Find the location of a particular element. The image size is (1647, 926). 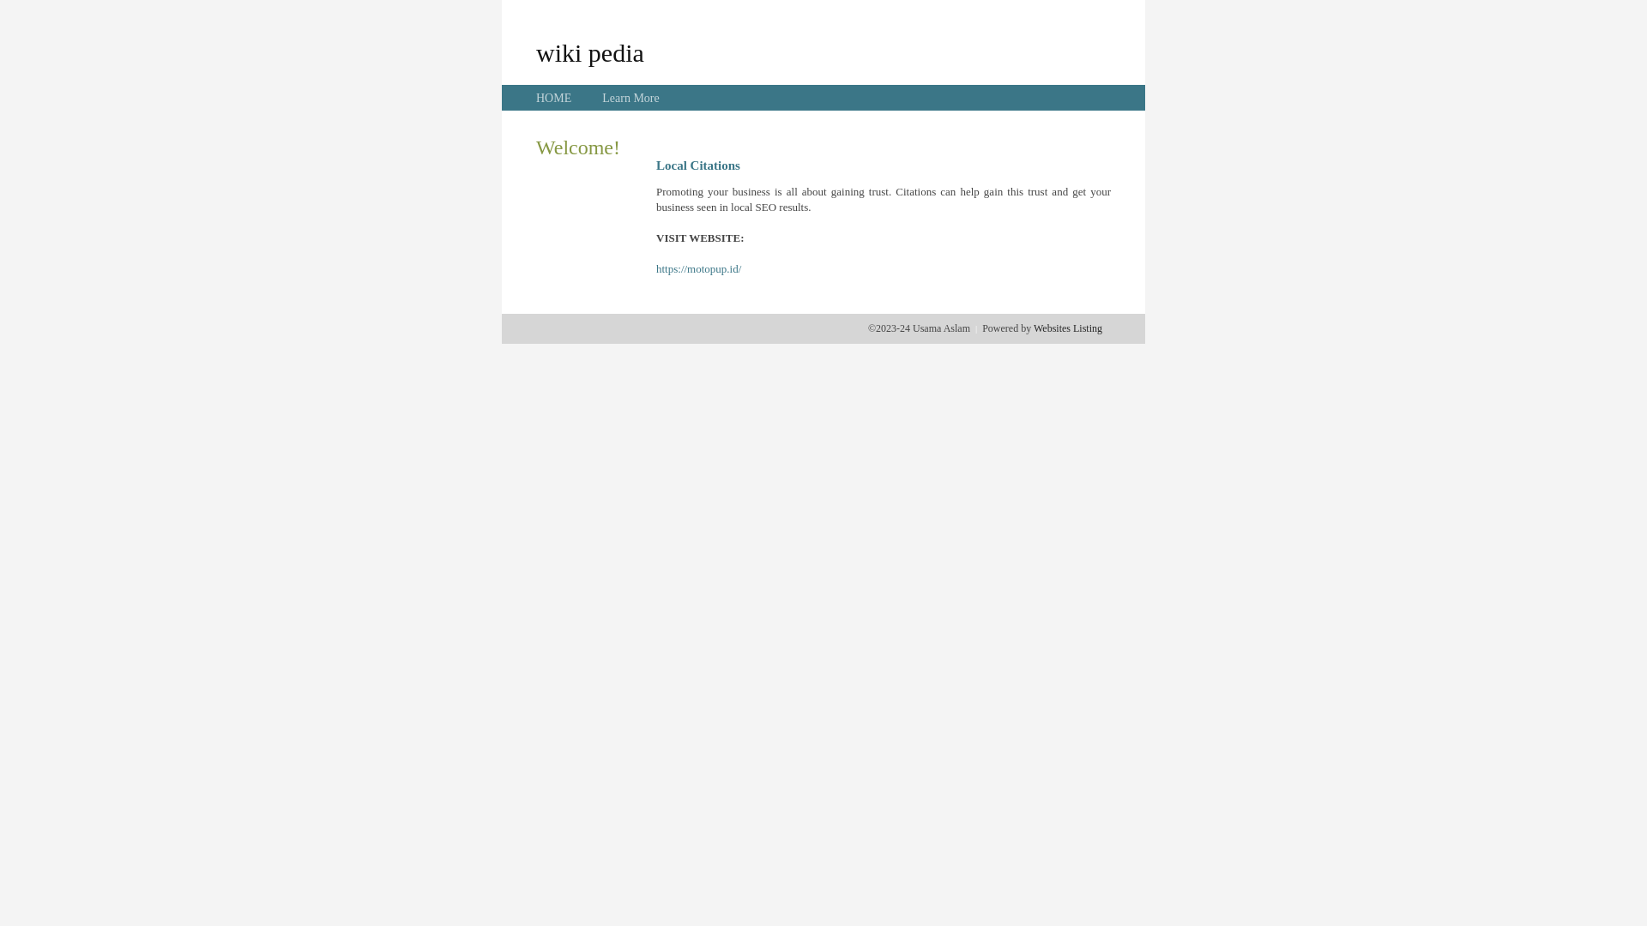

'HOME' is located at coordinates (534, 98).